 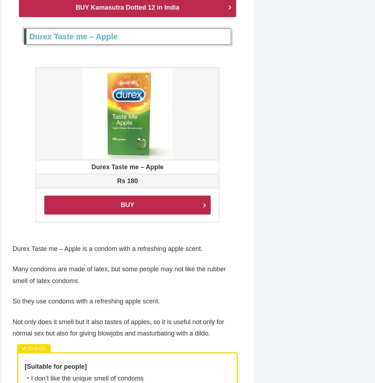 I want to click on 'Not only does it smell but it also tastes of apples, so it is useful not only for normal sex but also for giving blowjobs and masturbating with a dildo.', so click(x=12, y=328).